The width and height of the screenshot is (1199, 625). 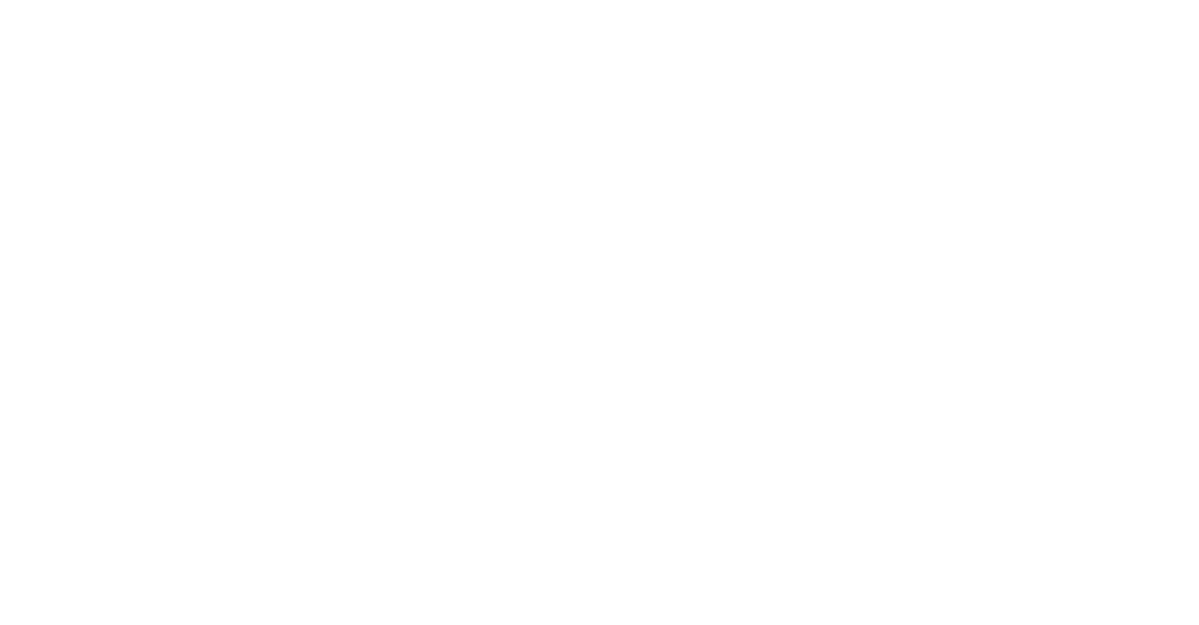 I want to click on 'die Innovationskultur in Wirtschaft, Wissenschaft, Verwaltung und Gesellschaft zu stärken,', so click(x=227, y=484).